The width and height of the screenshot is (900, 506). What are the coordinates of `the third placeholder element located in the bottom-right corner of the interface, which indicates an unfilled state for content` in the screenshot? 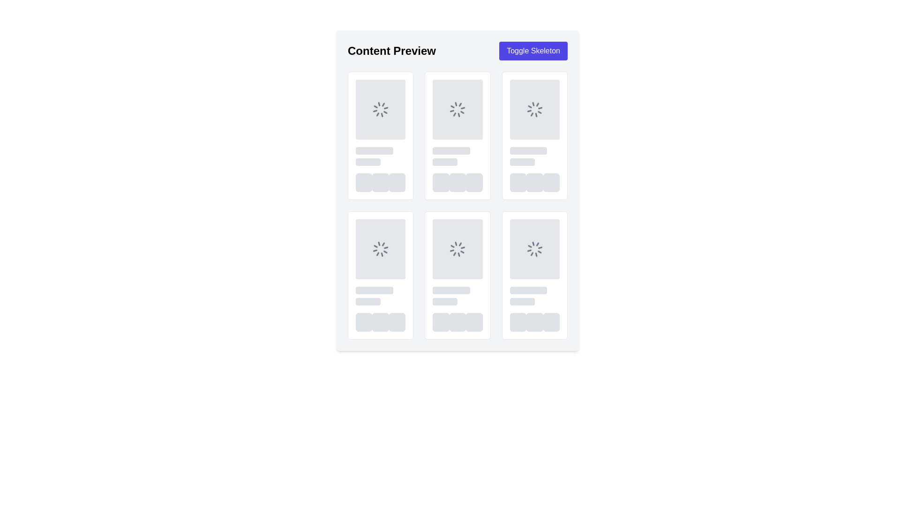 It's located at (551, 321).